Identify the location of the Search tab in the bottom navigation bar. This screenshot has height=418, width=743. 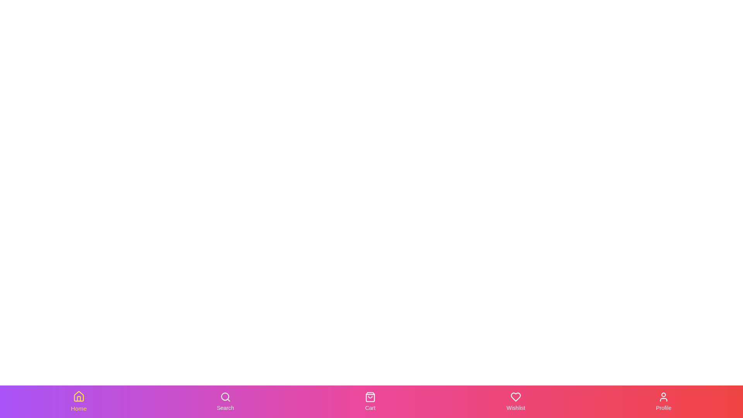
(224, 401).